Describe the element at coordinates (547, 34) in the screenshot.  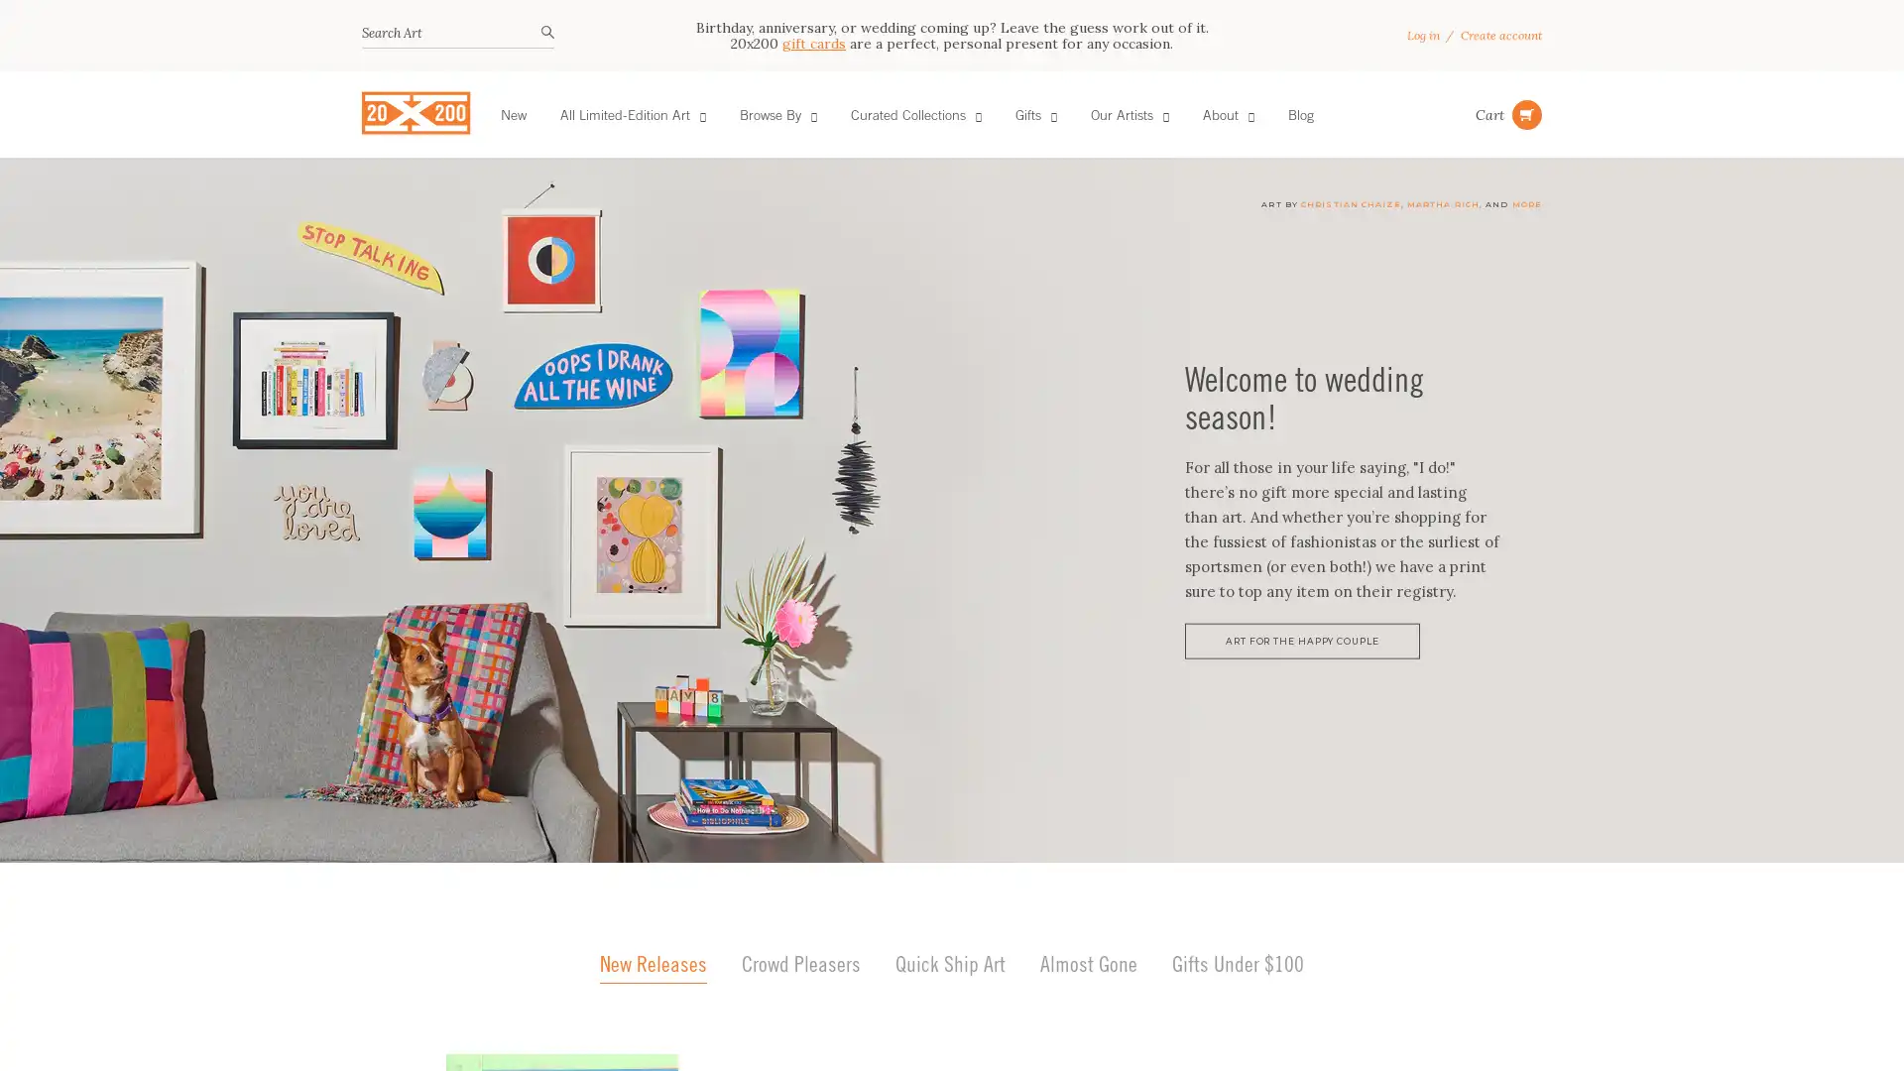
I see `icon-search SEARCH` at that location.